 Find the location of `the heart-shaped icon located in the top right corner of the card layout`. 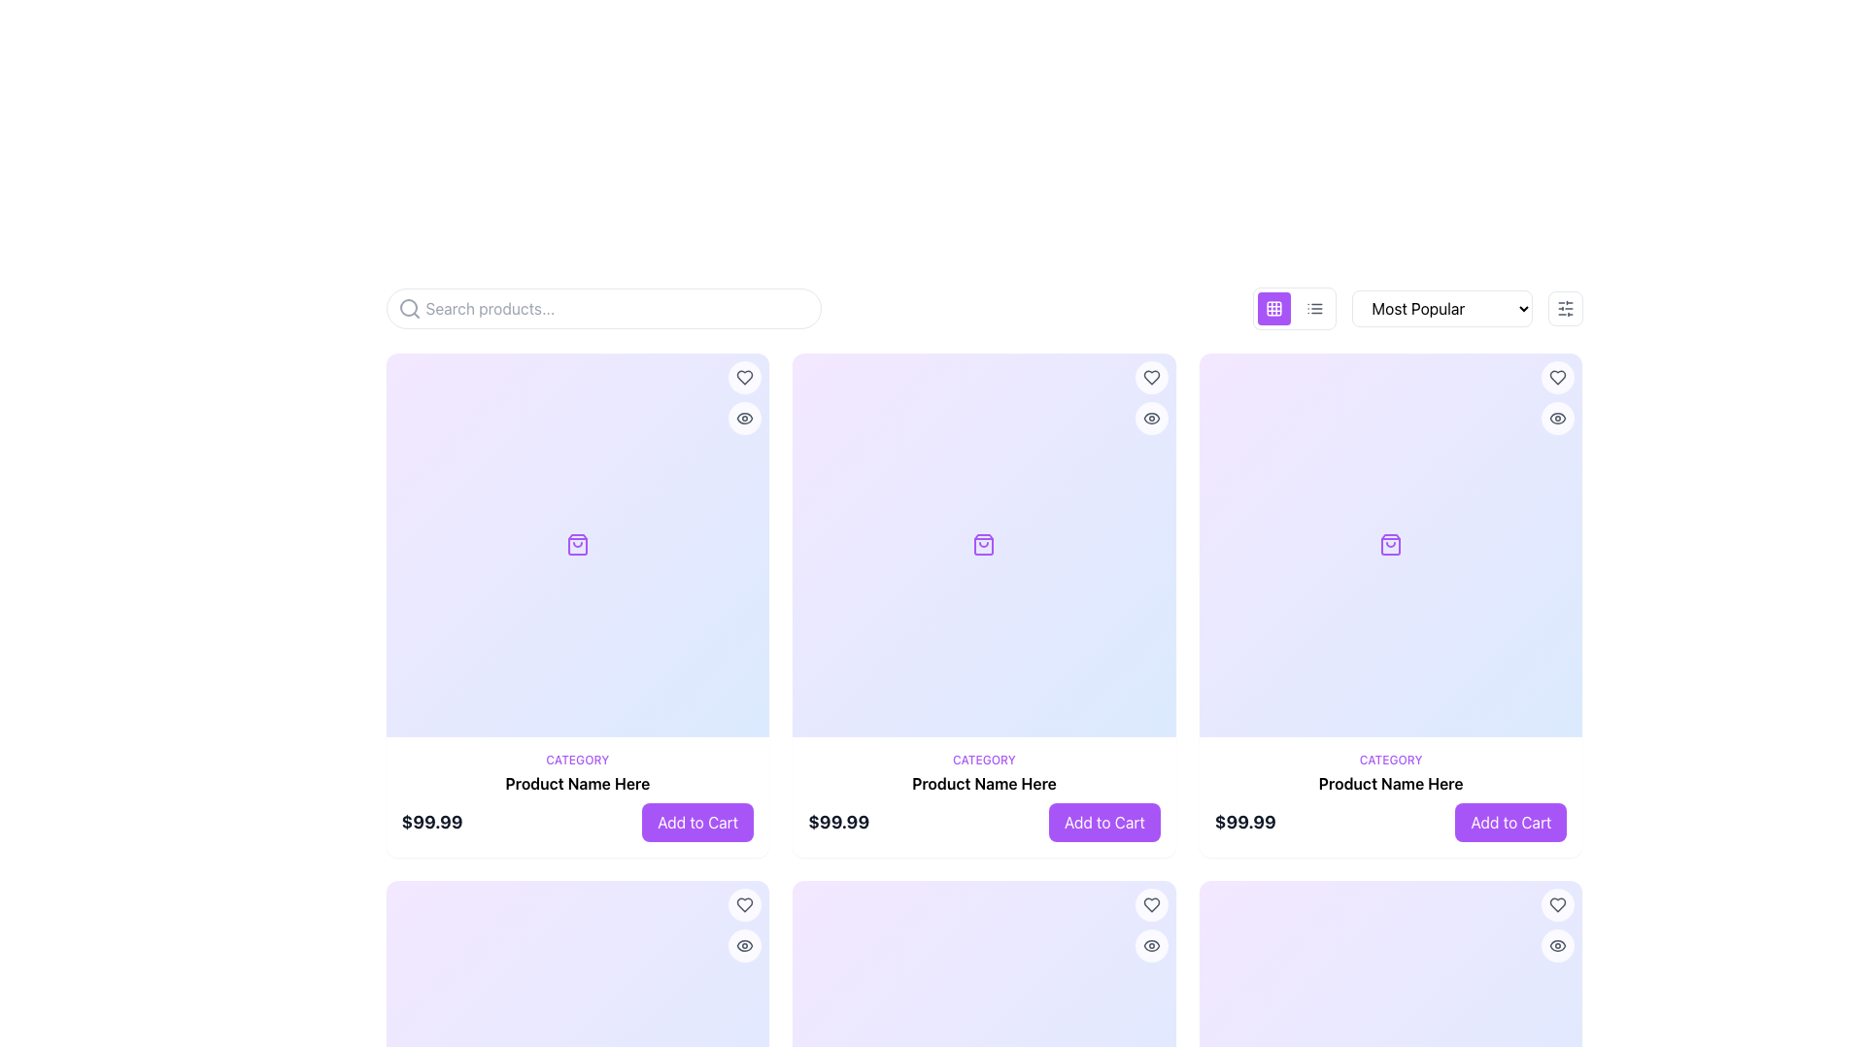

the heart-shaped icon located in the top right corner of the card layout is located at coordinates (1558, 904).